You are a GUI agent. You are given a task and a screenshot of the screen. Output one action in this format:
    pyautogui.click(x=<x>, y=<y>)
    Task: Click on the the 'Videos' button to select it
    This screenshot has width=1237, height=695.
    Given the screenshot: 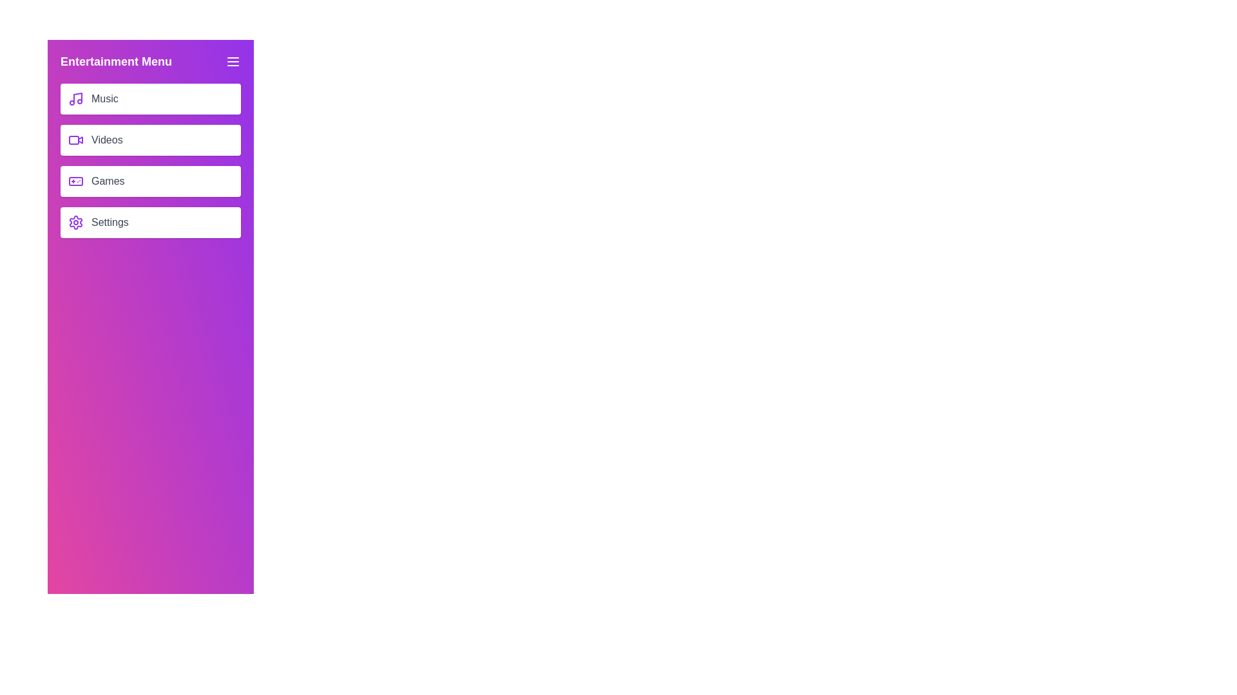 What is the action you would take?
    pyautogui.click(x=151, y=140)
    